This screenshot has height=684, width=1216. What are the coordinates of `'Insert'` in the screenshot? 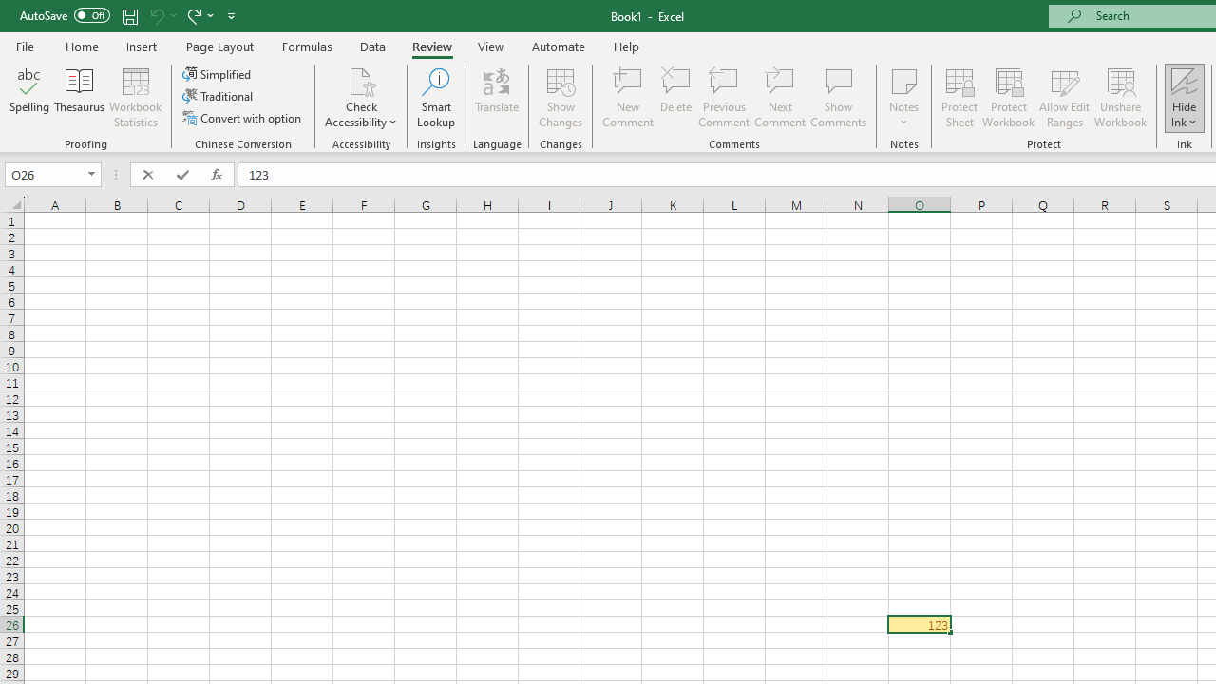 It's located at (141, 46).